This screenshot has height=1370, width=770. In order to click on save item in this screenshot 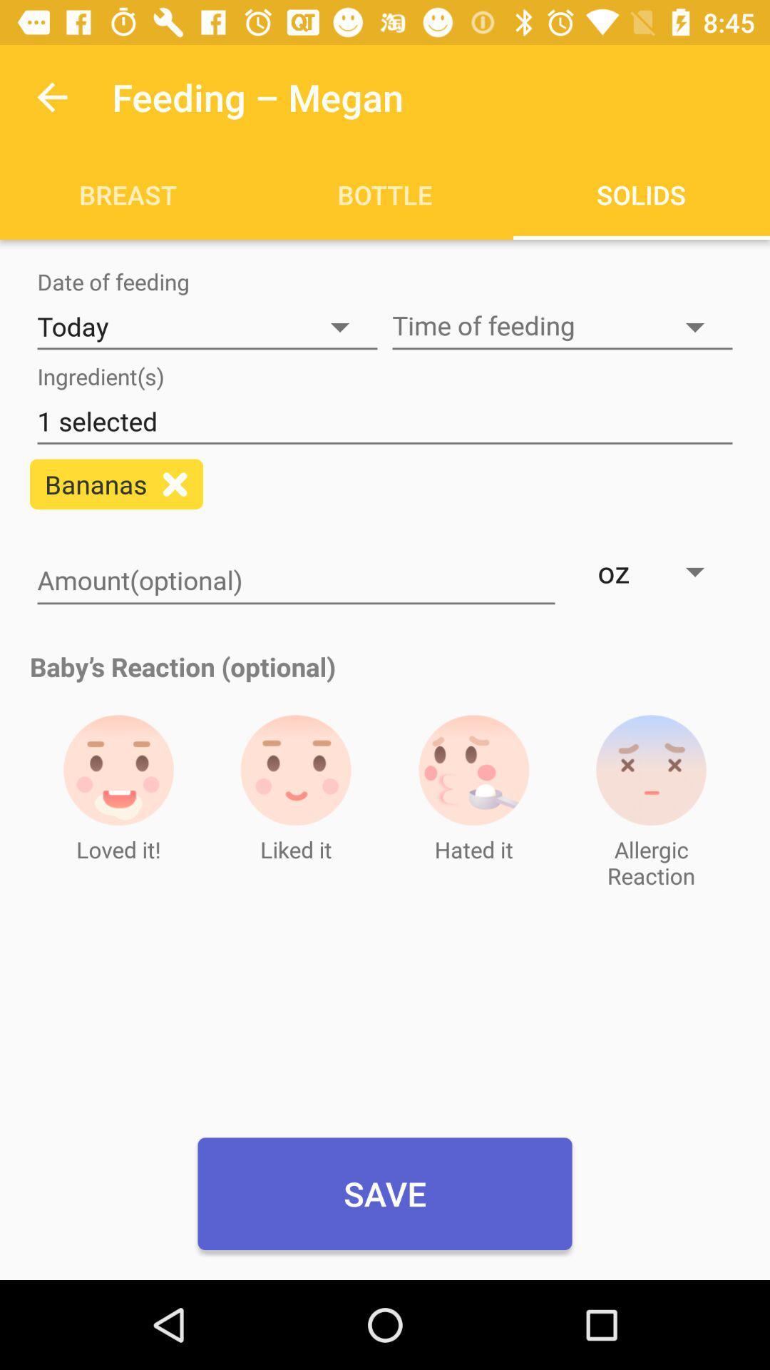, I will do `click(385, 1194)`.